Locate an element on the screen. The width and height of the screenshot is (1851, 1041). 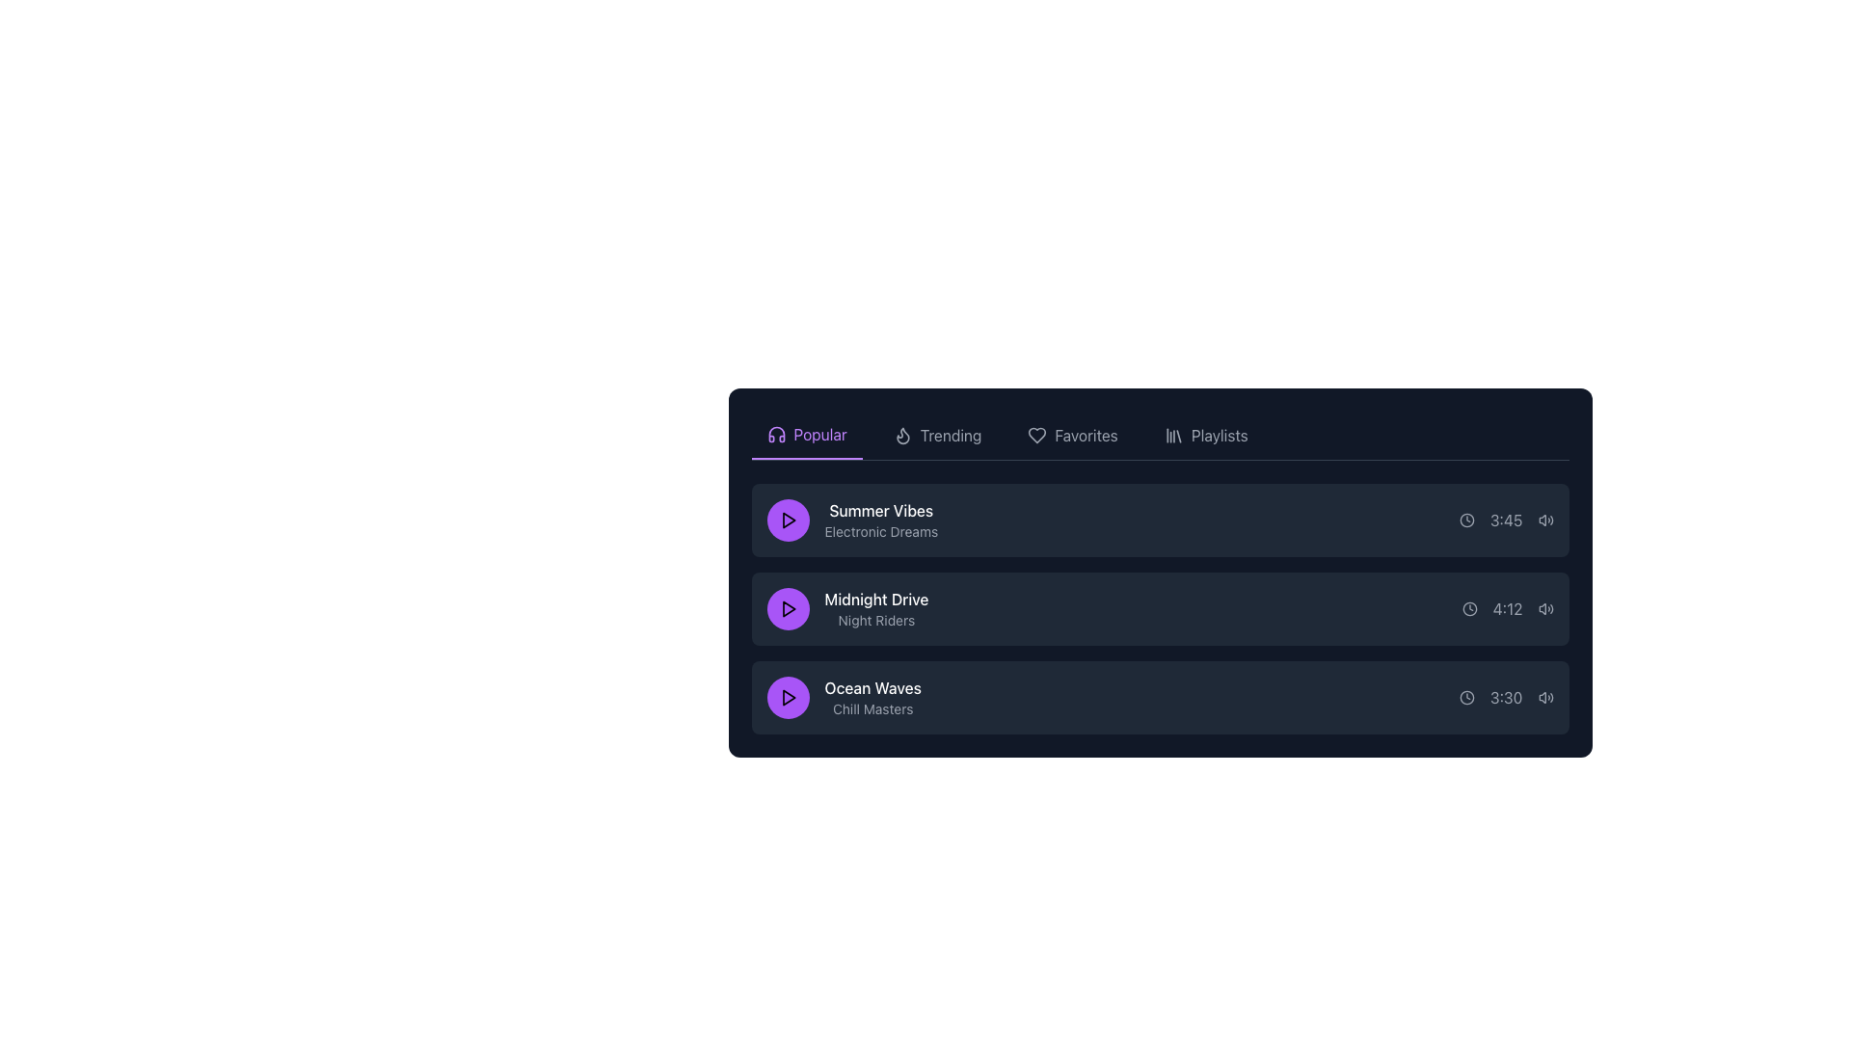
the heart-shaped icon in the top navigation bar is located at coordinates (1036, 435).